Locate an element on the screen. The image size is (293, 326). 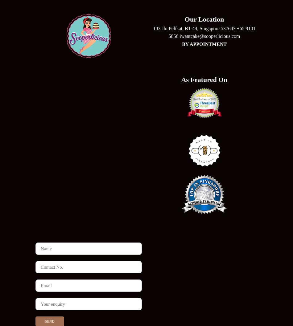
'iwantcake@sooperlicious.com' is located at coordinates (210, 36).